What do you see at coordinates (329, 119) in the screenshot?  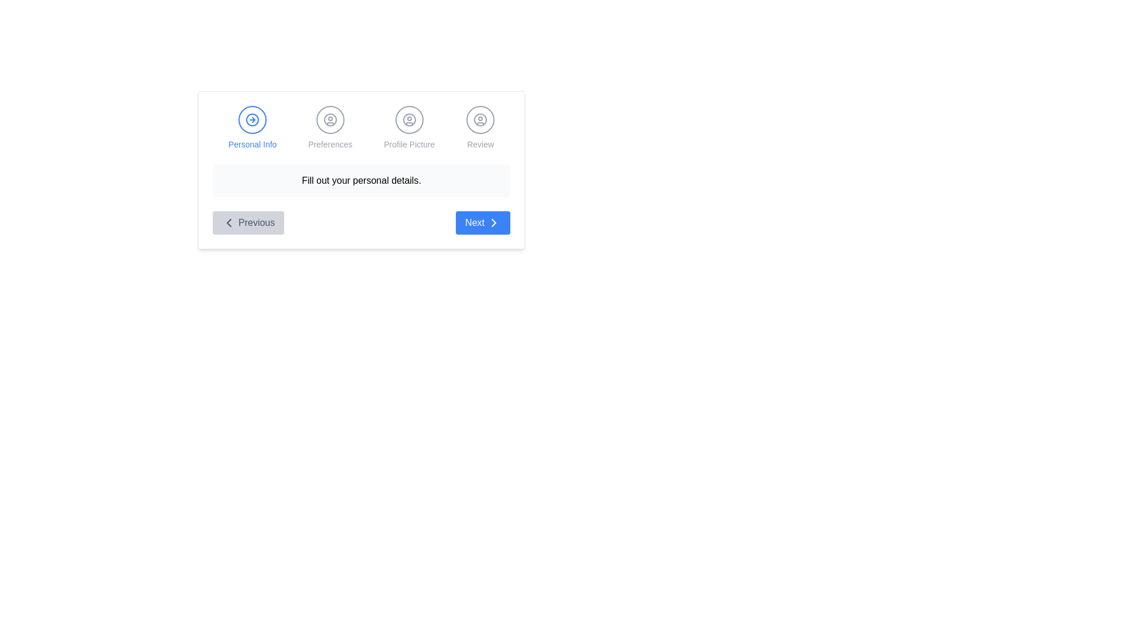 I see `the circular icon featuring a minimalistic user silhouette design, located under the 'Preferences' label` at bounding box center [329, 119].